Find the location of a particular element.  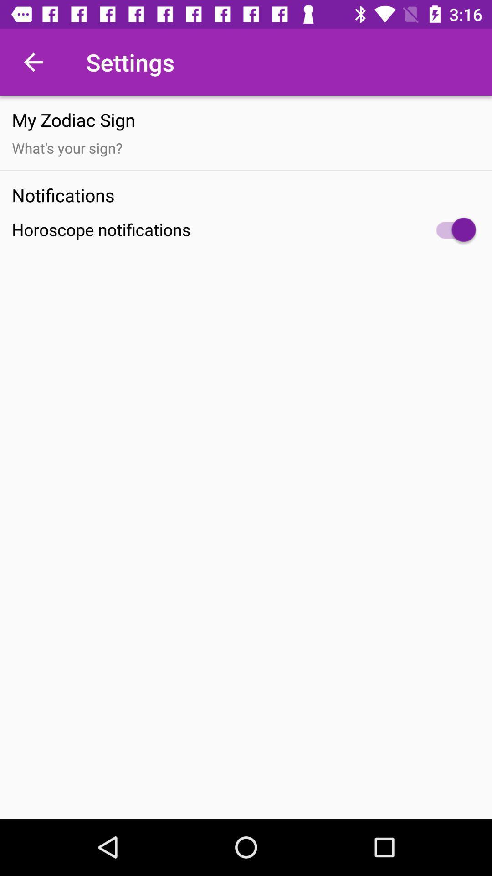

the icon above my zodiac sign icon is located at coordinates (33, 62).